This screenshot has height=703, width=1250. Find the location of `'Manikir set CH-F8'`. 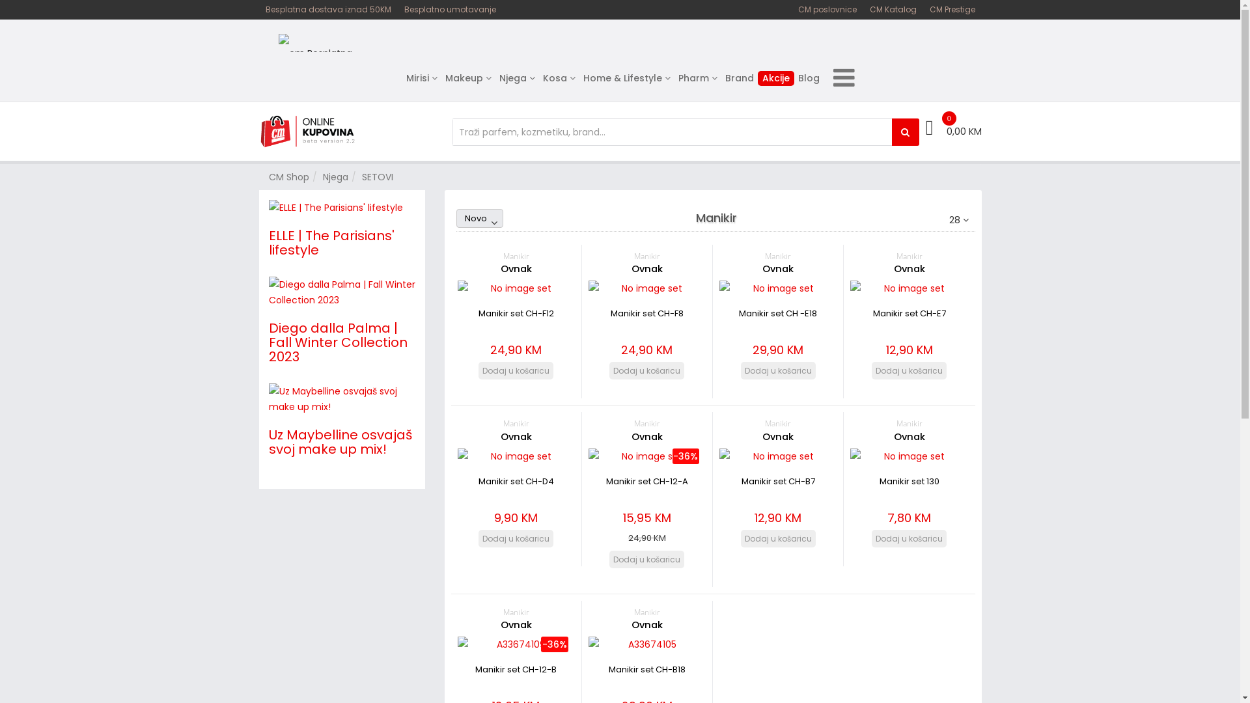

'Manikir set CH-F8' is located at coordinates (646, 313).